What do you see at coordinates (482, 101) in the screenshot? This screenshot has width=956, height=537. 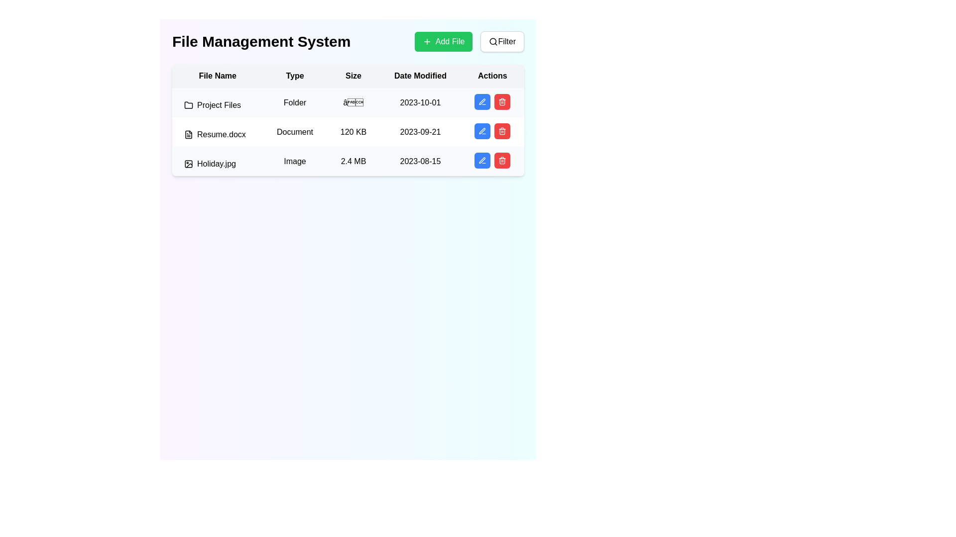 I see `the edit action icon embedded within a blue circular button located in the 'Actions' column of the second row in the table` at bounding box center [482, 101].